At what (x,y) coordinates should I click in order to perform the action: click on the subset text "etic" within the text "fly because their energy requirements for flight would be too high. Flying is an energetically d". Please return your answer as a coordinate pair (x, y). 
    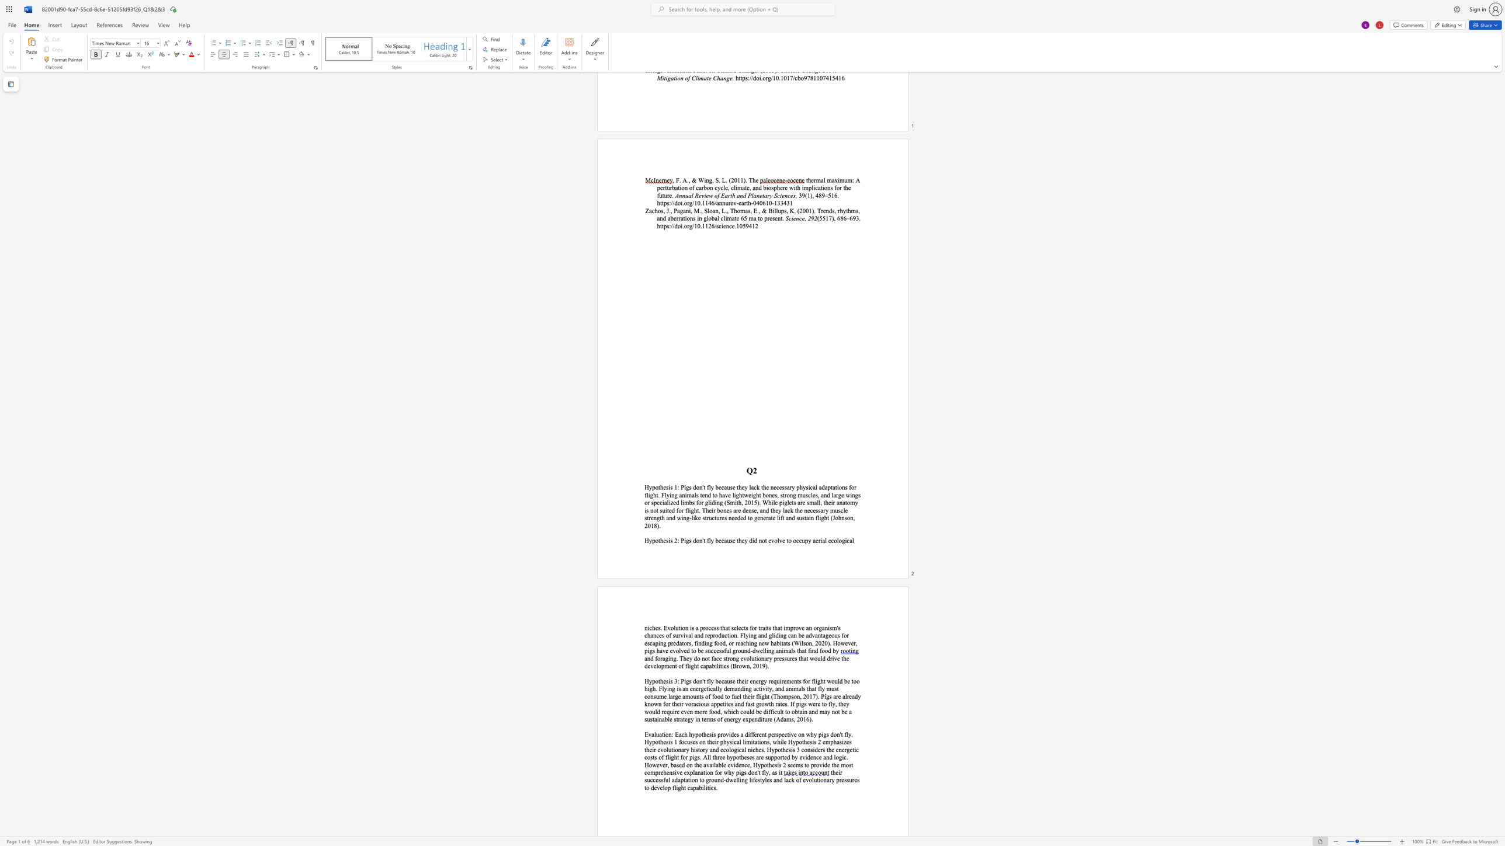
    Looking at the image, I should click on (703, 688).